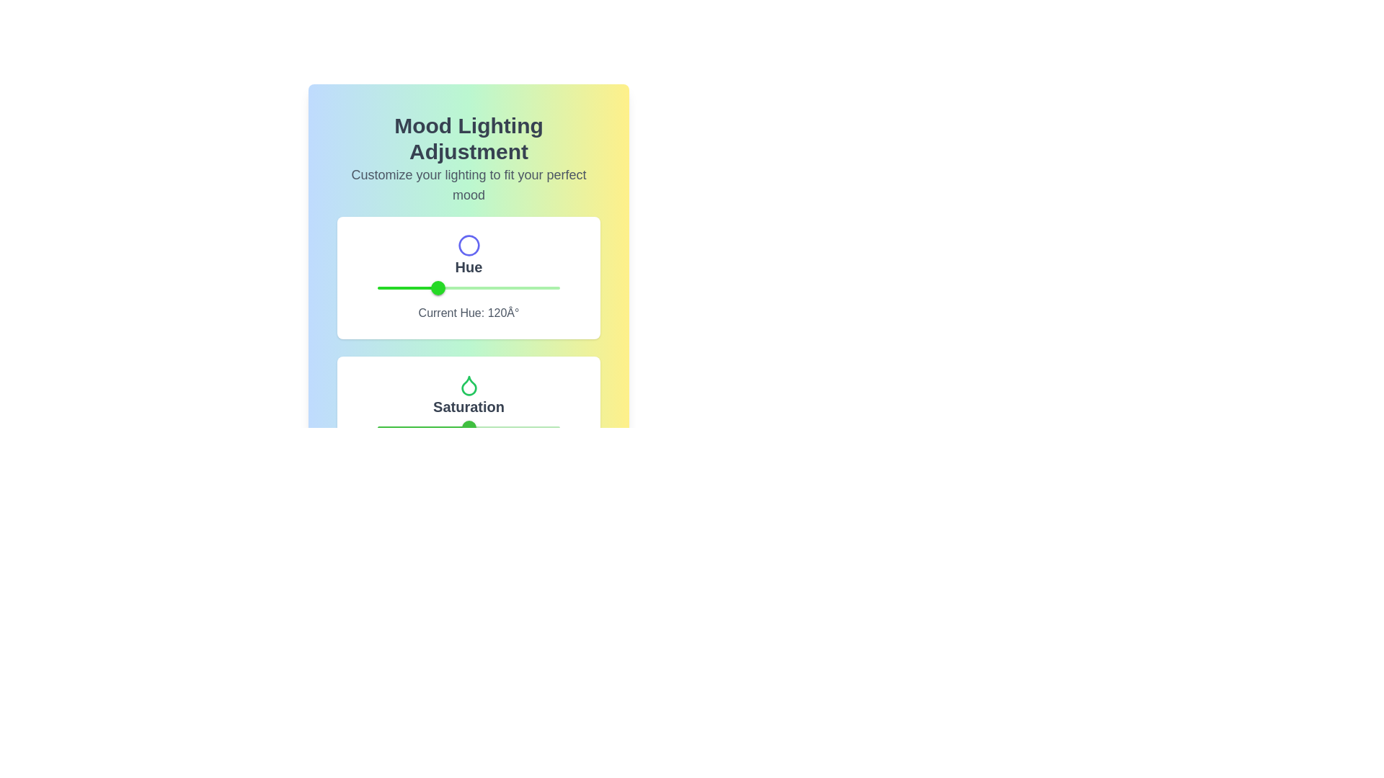 The image size is (1384, 778). Describe the element at coordinates (383, 288) in the screenshot. I see `the hue` at that location.